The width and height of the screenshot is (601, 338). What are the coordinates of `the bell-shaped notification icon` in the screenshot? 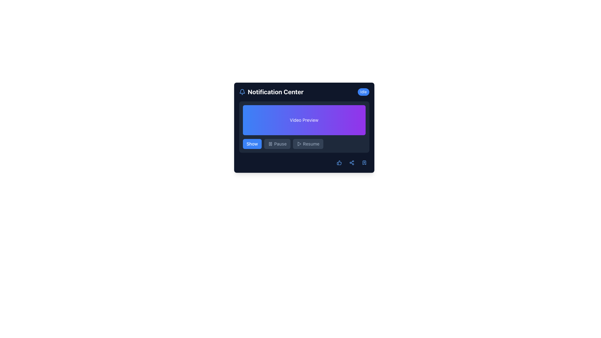 It's located at (242, 91).